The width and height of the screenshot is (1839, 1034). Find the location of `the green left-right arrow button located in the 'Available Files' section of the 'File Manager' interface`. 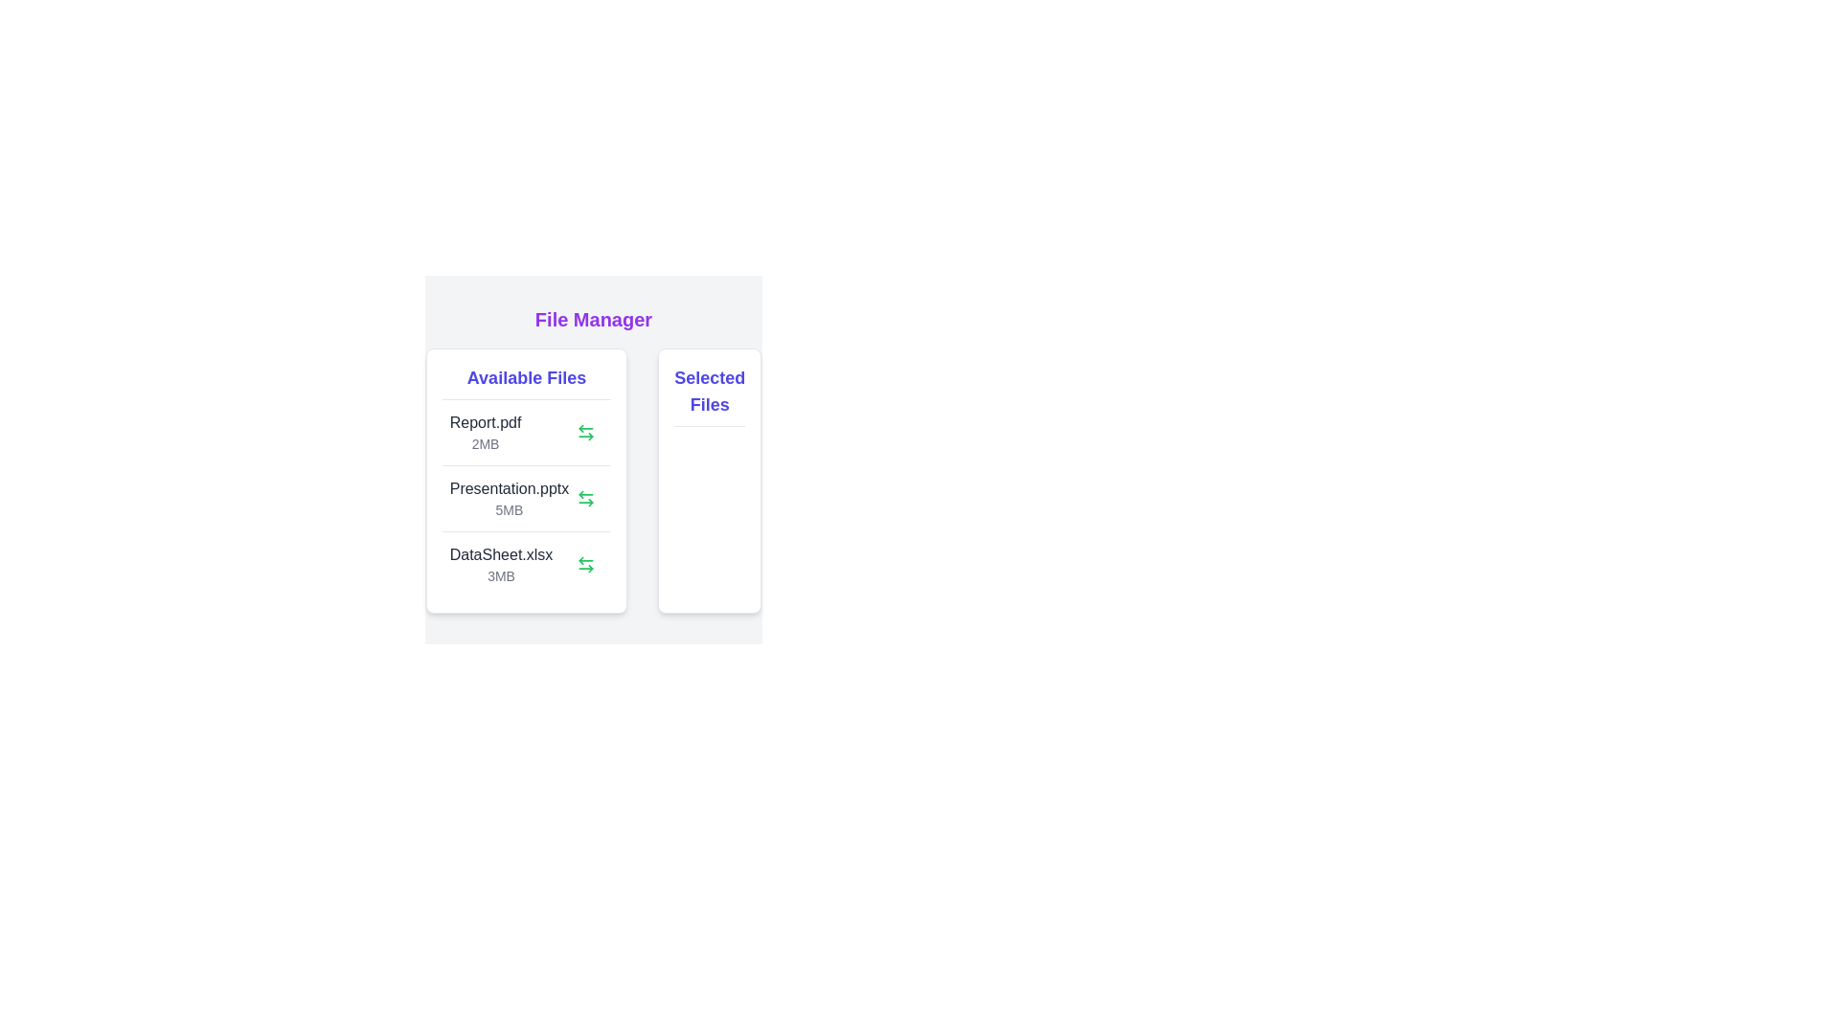

the green left-right arrow button located in the 'Available Files' section of the 'File Manager' interface is located at coordinates (585, 497).